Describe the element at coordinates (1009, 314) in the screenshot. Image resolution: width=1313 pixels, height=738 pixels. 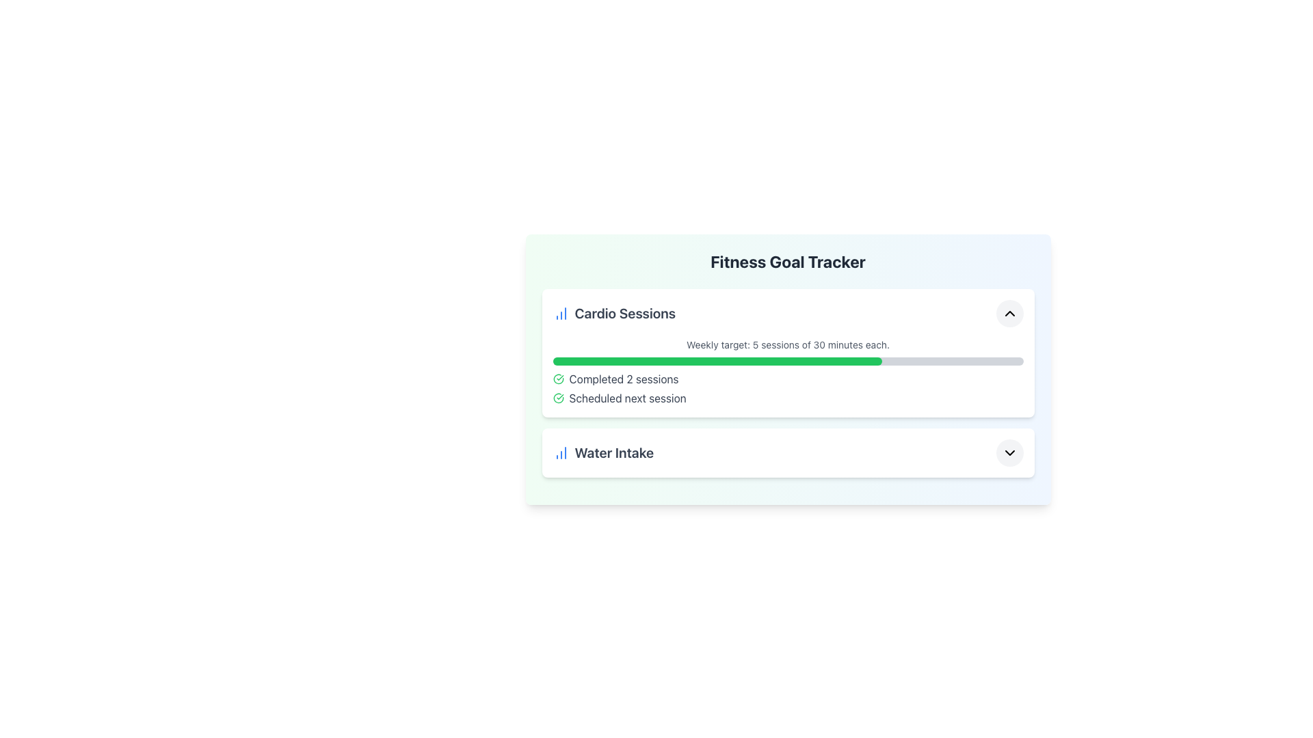
I see `the circular button with a light gray background and chevron-up icon located at the upper-right corner of the 'Cardio Sessions' header to observe the hover state` at that location.